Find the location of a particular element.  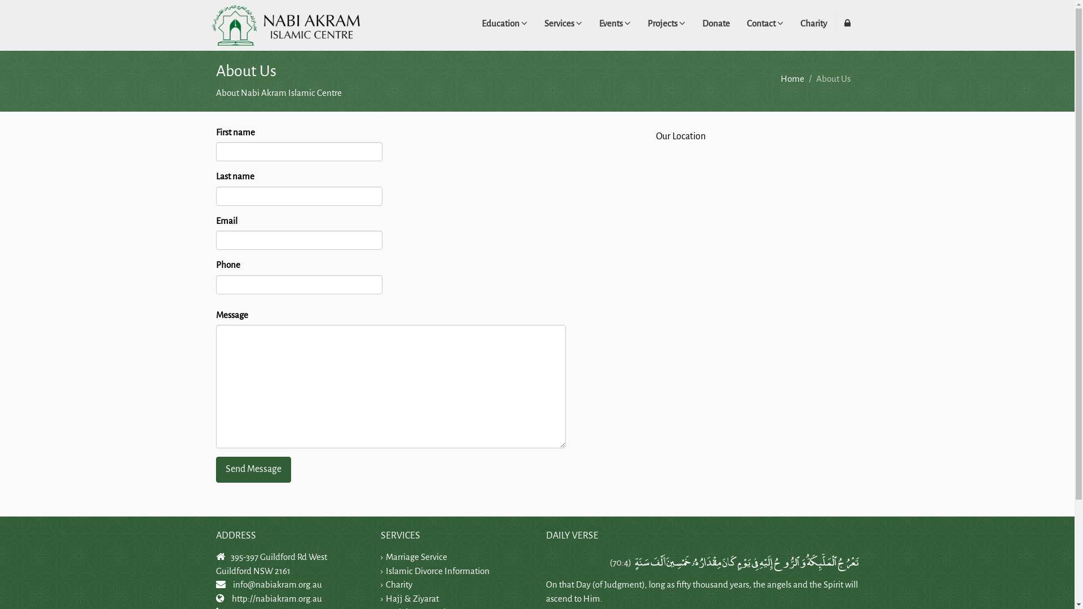

'Contact' is located at coordinates (764, 24).